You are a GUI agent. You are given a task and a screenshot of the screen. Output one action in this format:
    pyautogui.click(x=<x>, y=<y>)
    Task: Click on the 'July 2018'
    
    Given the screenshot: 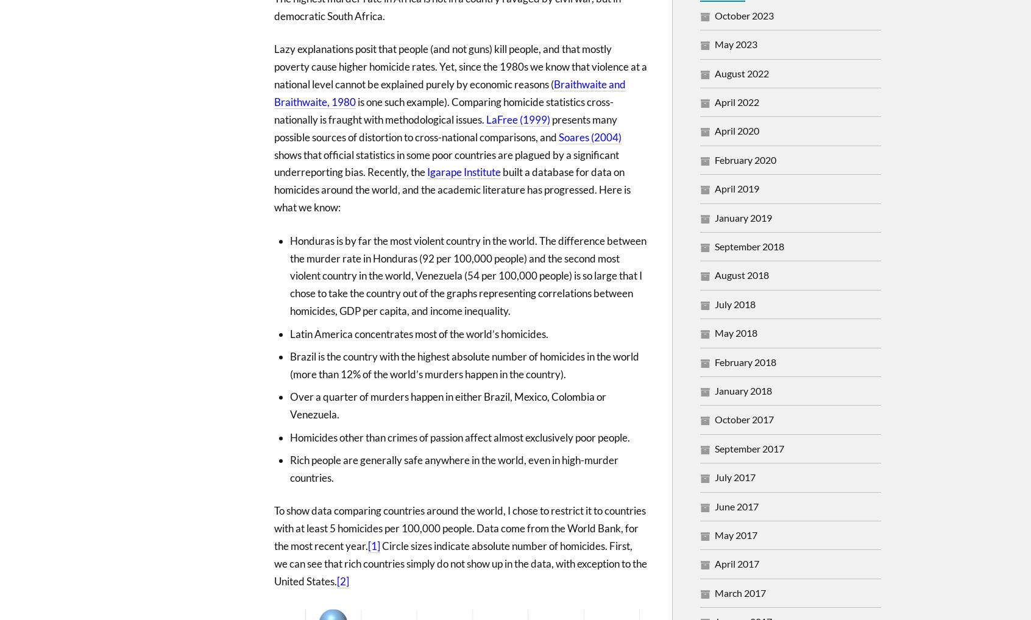 What is the action you would take?
    pyautogui.click(x=735, y=303)
    